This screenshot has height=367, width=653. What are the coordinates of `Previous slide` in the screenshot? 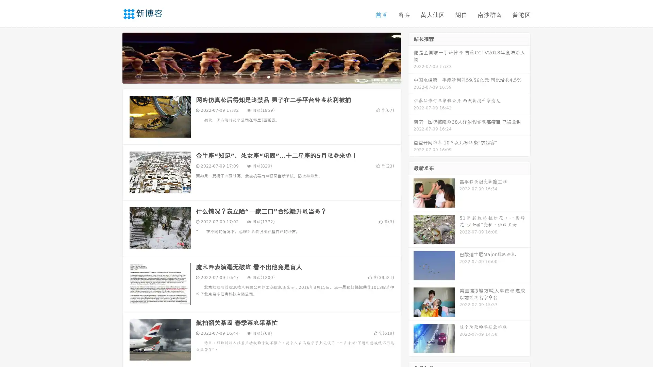 It's located at (112, 57).